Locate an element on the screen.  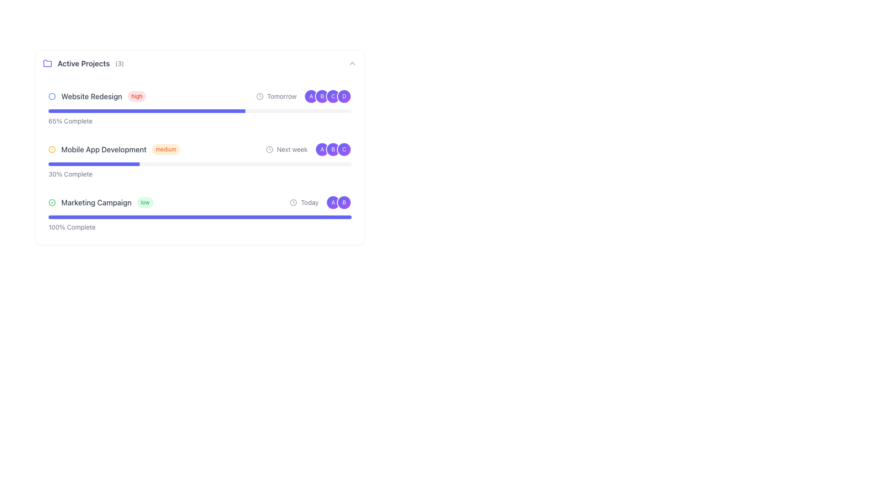
the scheduling icon located is located at coordinates (269, 149).